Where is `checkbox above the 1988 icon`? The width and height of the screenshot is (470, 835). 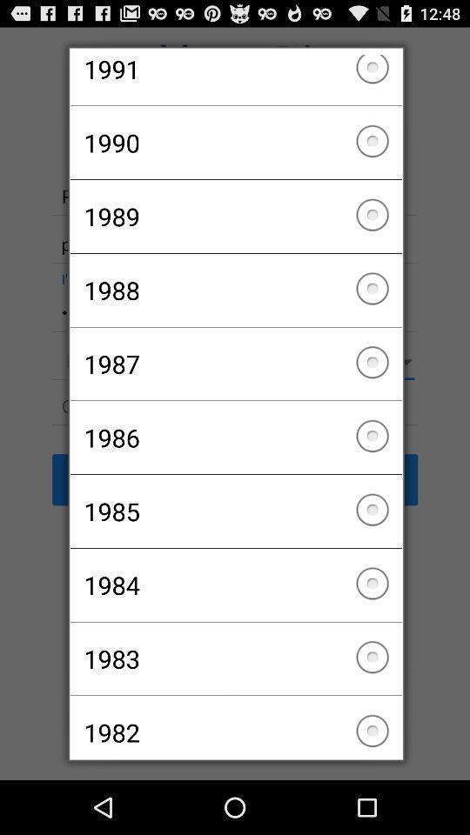
checkbox above the 1988 icon is located at coordinates (235, 216).